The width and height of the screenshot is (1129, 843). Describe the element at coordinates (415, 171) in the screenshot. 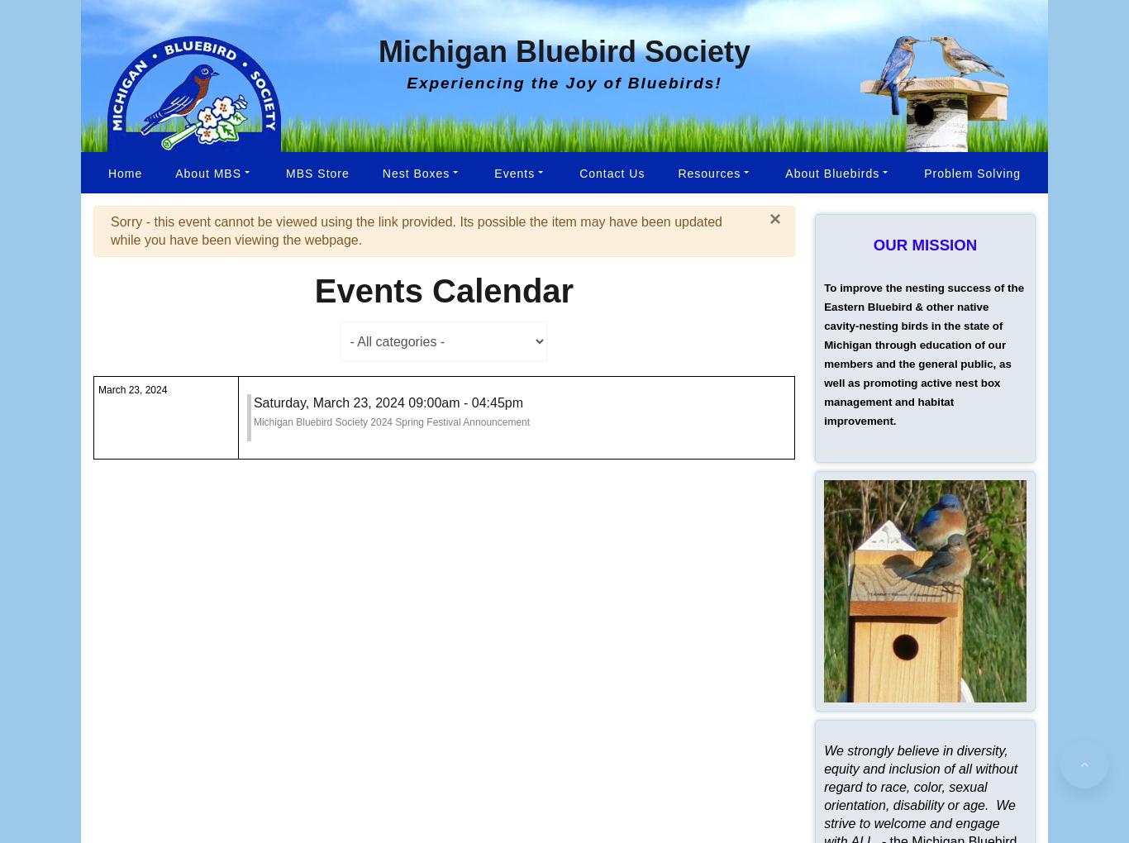

I see `'Nest Boxes'` at that location.